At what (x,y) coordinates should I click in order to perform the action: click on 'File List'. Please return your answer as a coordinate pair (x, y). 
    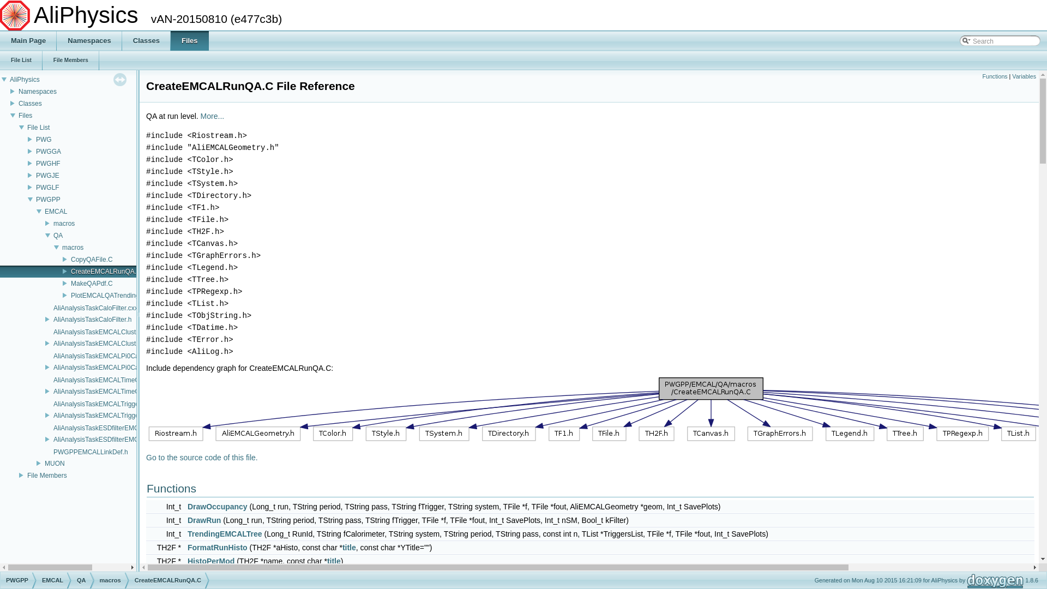
    Looking at the image, I should click on (21, 61).